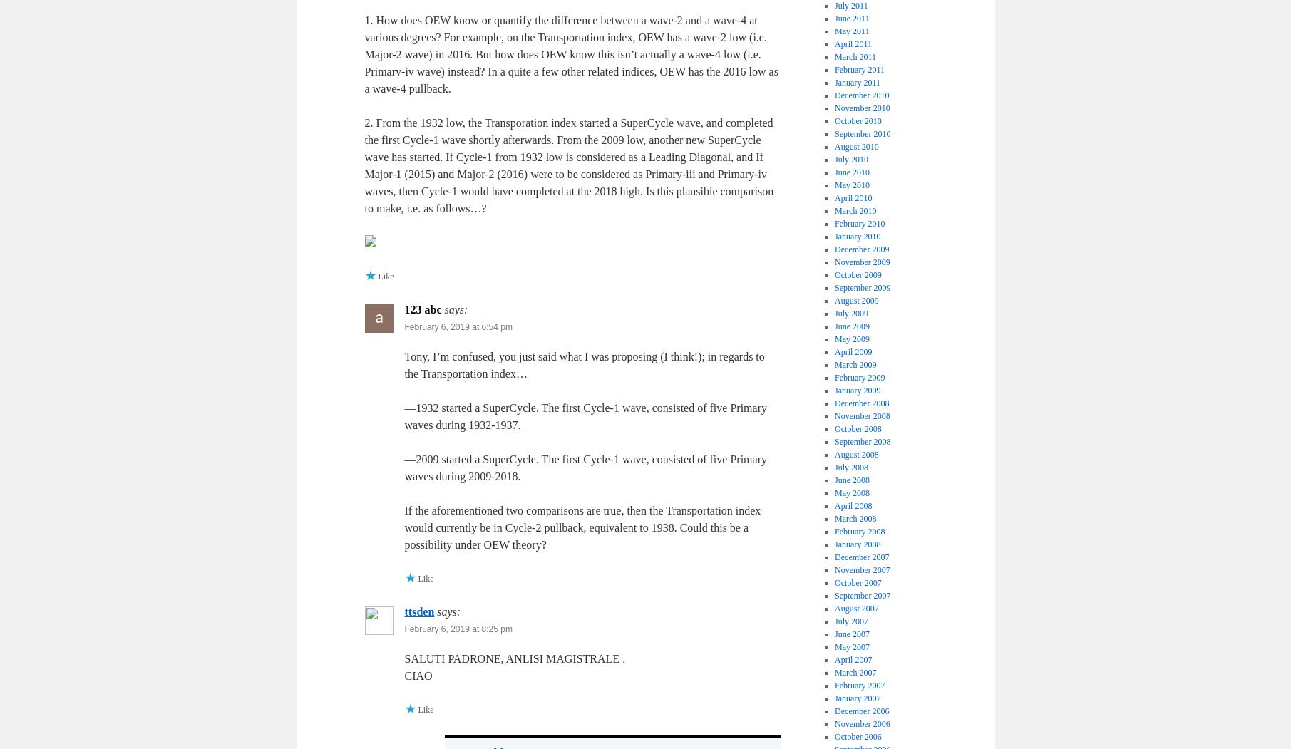 Image resolution: width=1291 pixels, height=749 pixels. I want to click on 'December 2009', so click(862, 249).